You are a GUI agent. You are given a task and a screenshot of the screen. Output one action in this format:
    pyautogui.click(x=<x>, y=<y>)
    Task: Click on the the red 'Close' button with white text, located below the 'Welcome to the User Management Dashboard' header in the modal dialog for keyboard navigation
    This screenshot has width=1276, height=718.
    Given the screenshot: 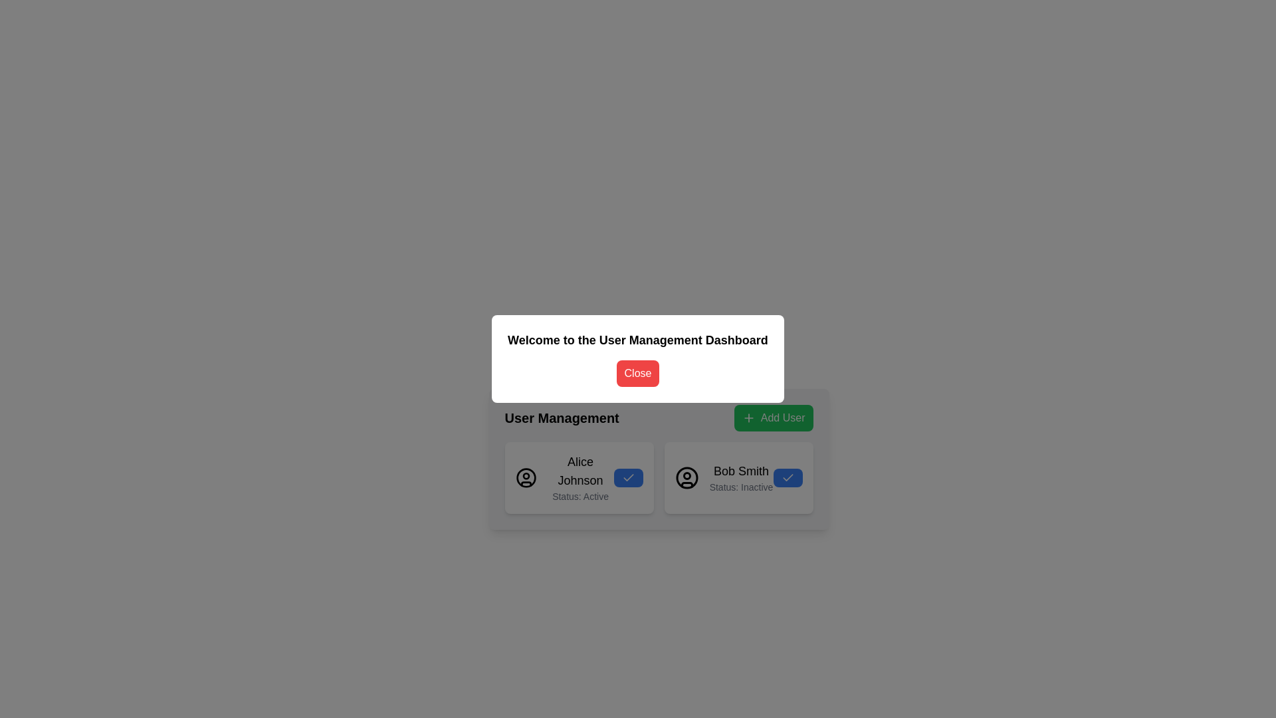 What is the action you would take?
    pyautogui.click(x=638, y=374)
    